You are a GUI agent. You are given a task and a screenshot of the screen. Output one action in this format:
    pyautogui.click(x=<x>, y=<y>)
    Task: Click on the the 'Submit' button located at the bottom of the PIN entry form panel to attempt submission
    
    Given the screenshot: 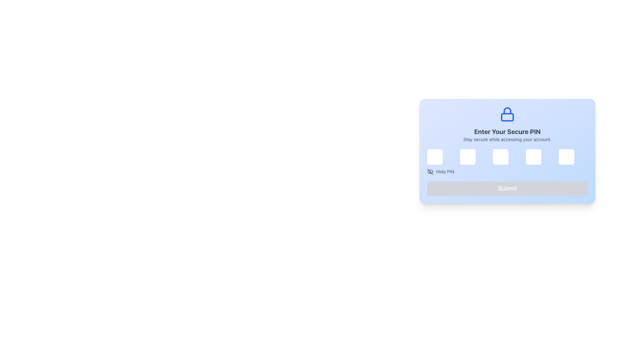 What is the action you would take?
    pyautogui.click(x=507, y=188)
    